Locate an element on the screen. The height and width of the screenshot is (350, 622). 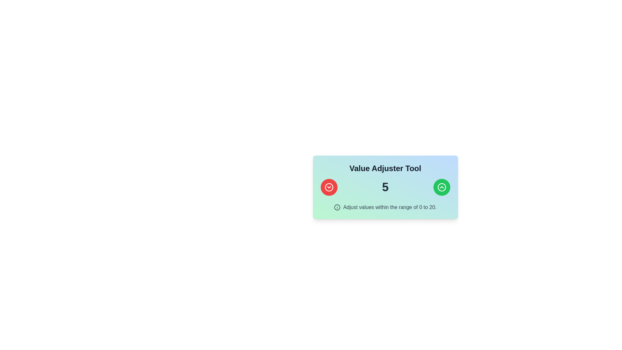
title 'Value Adjuster Tool' and the description 'Adjust values within the range of 0 to 20.' of the Composite interactive component (adjuster tool with buttons) that has a gradient background and rounded corners is located at coordinates (385, 187).